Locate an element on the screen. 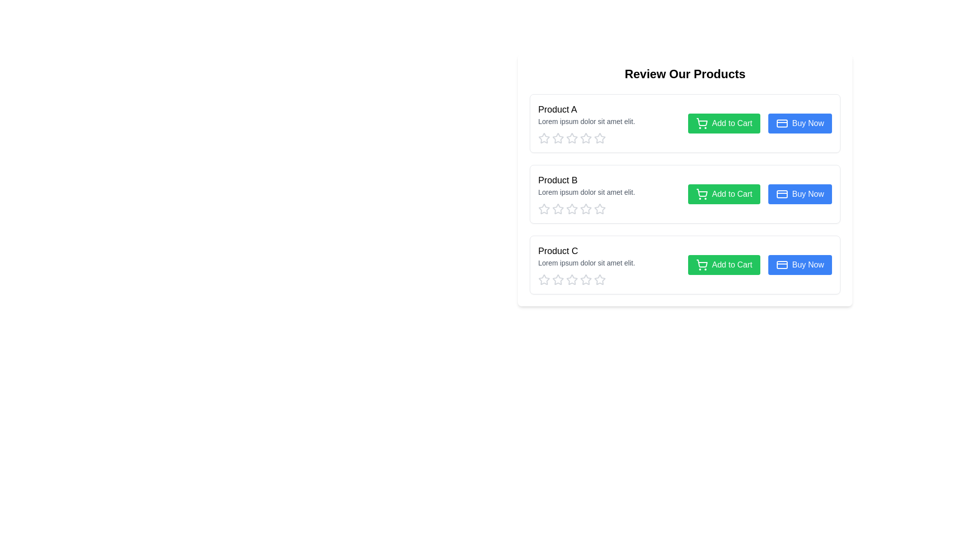 The height and width of the screenshot is (538, 956). the 'Add to Cart' button located at the bottom right of the 'Product C' card is located at coordinates (759, 265).